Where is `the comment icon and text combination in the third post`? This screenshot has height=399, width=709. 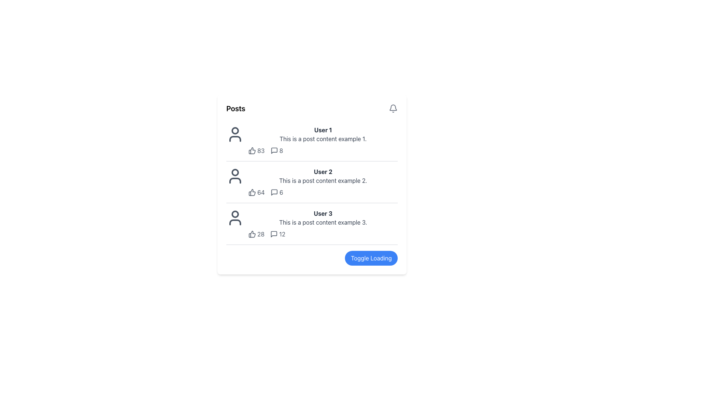
the comment icon and text combination in the third post is located at coordinates (277, 234).